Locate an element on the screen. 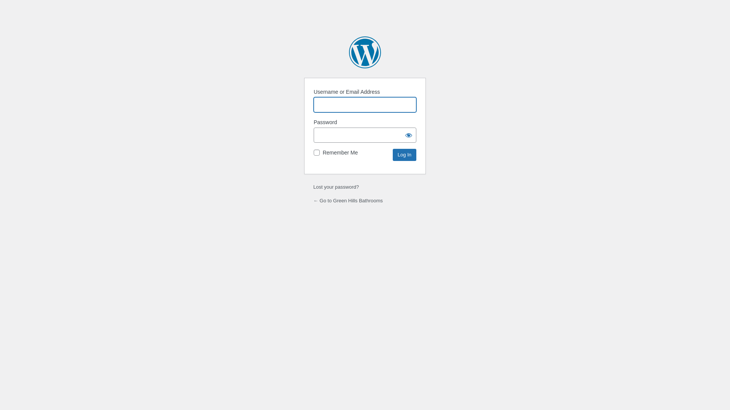 The height and width of the screenshot is (410, 730). 'Lost your password?' is located at coordinates (335, 187).